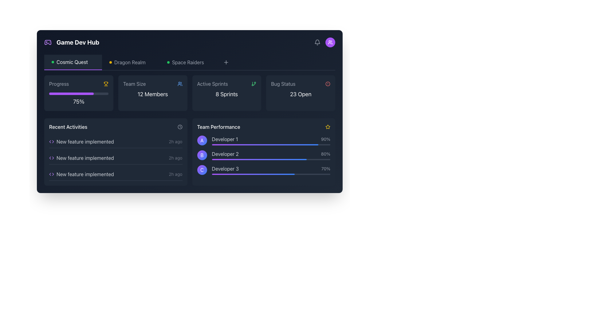 The height and width of the screenshot is (332, 590). Describe the element at coordinates (202, 140) in the screenshot. I see `the Avatar representing 'Developer 1' in the 'Team Performance' section` at that location.